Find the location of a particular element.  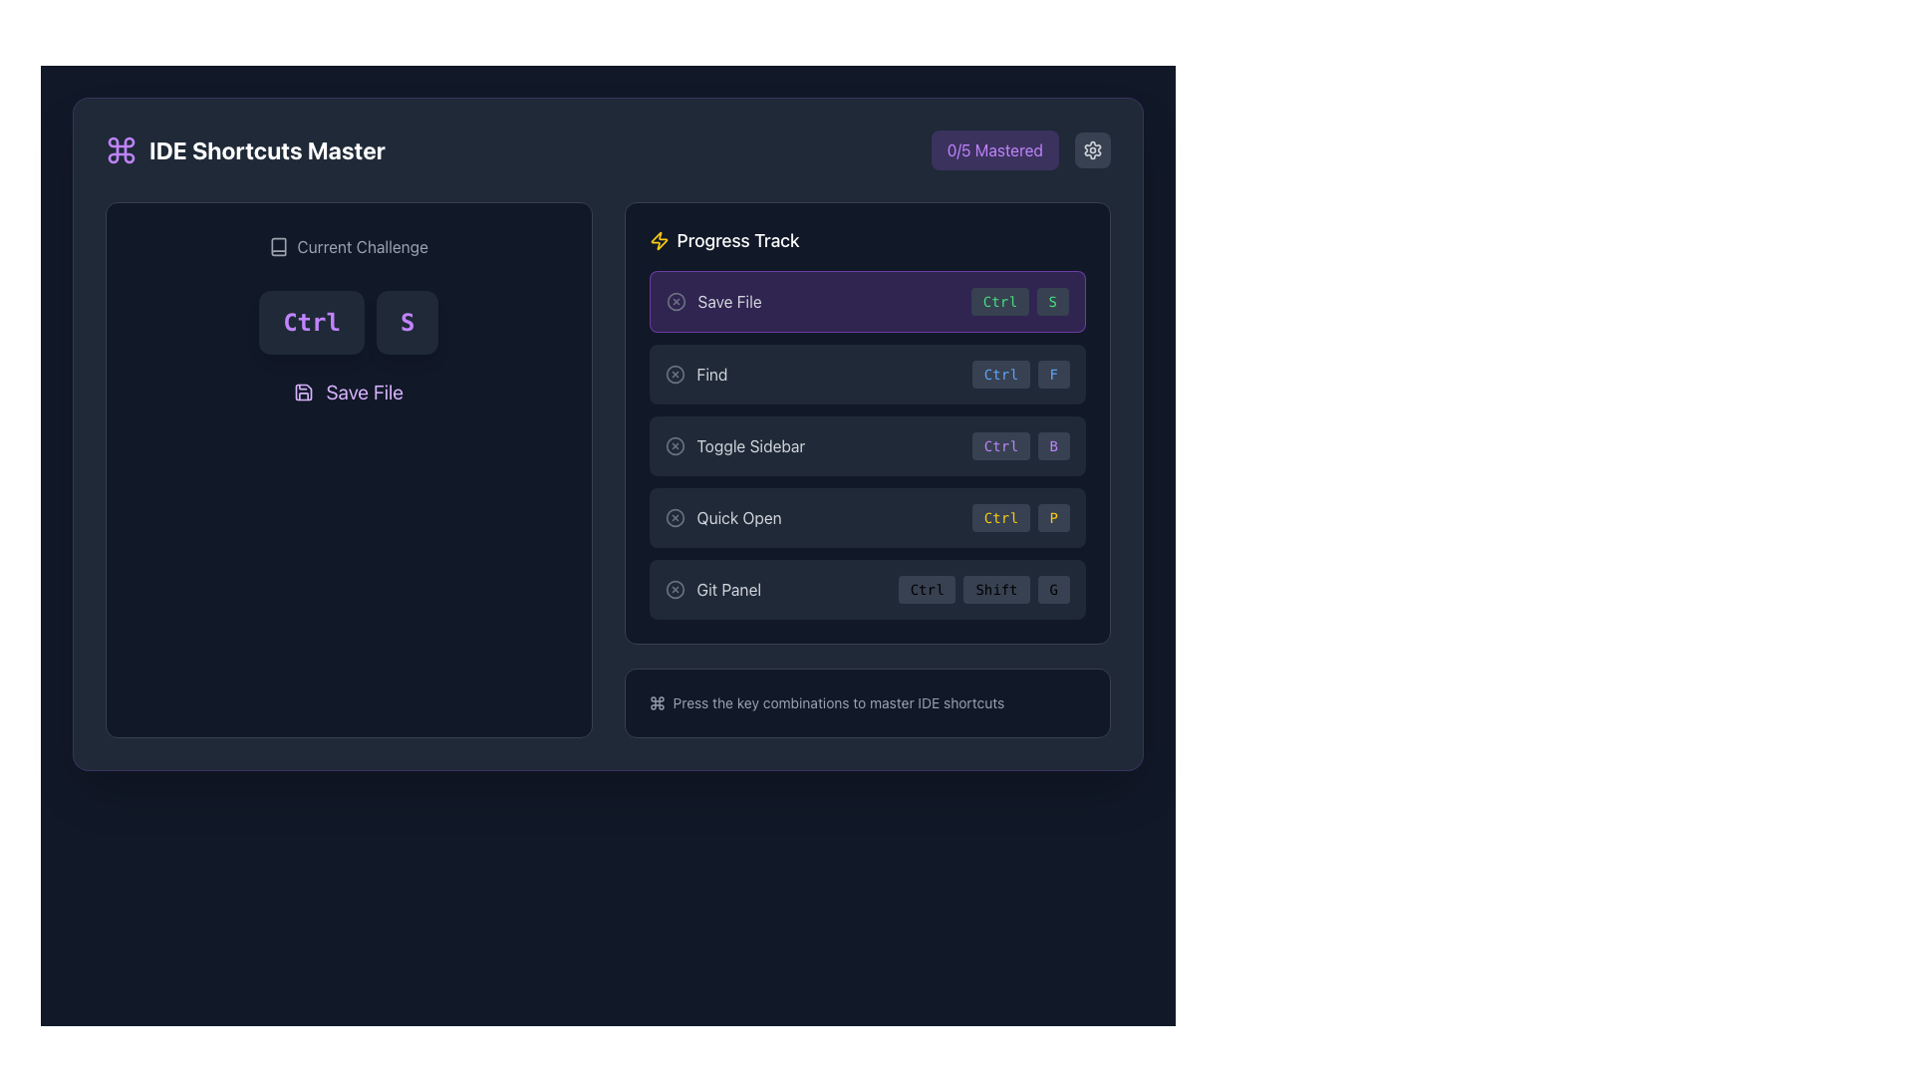

the descriptive text label for the current challenge section located near the top of the left column, above the 'Ctrl S' button group is located at coordinates (349, 245).